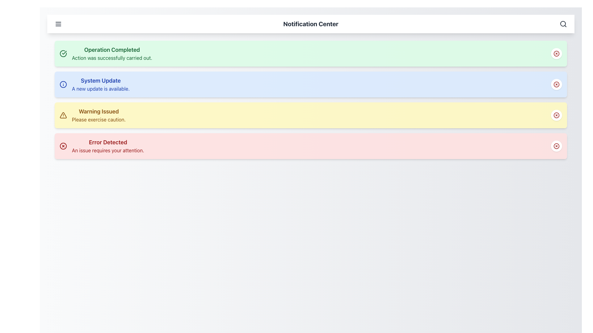  I want to click on the dismiss button located at the far-right end of the 'System Update' notification entry, so click(556, 84).